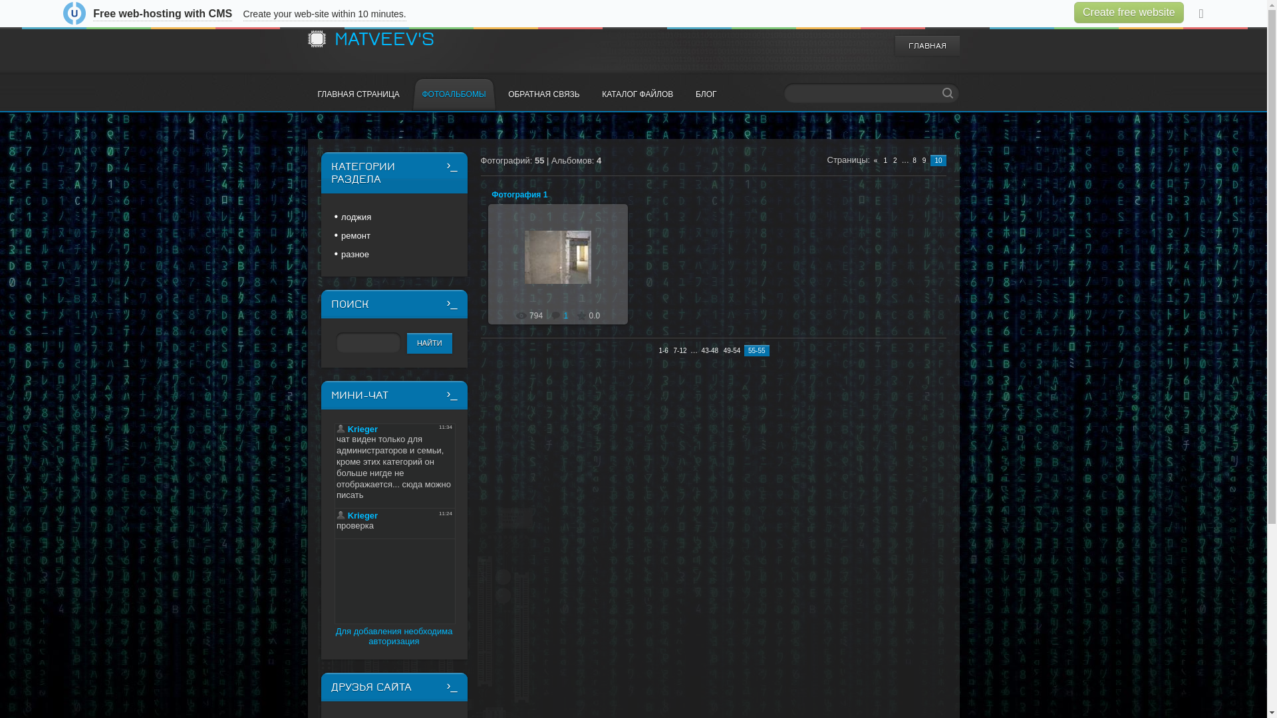  What do you see at coordinates (951, 18) in the screenshot?
I see `'RSS'` at bounding box center [951, 18].